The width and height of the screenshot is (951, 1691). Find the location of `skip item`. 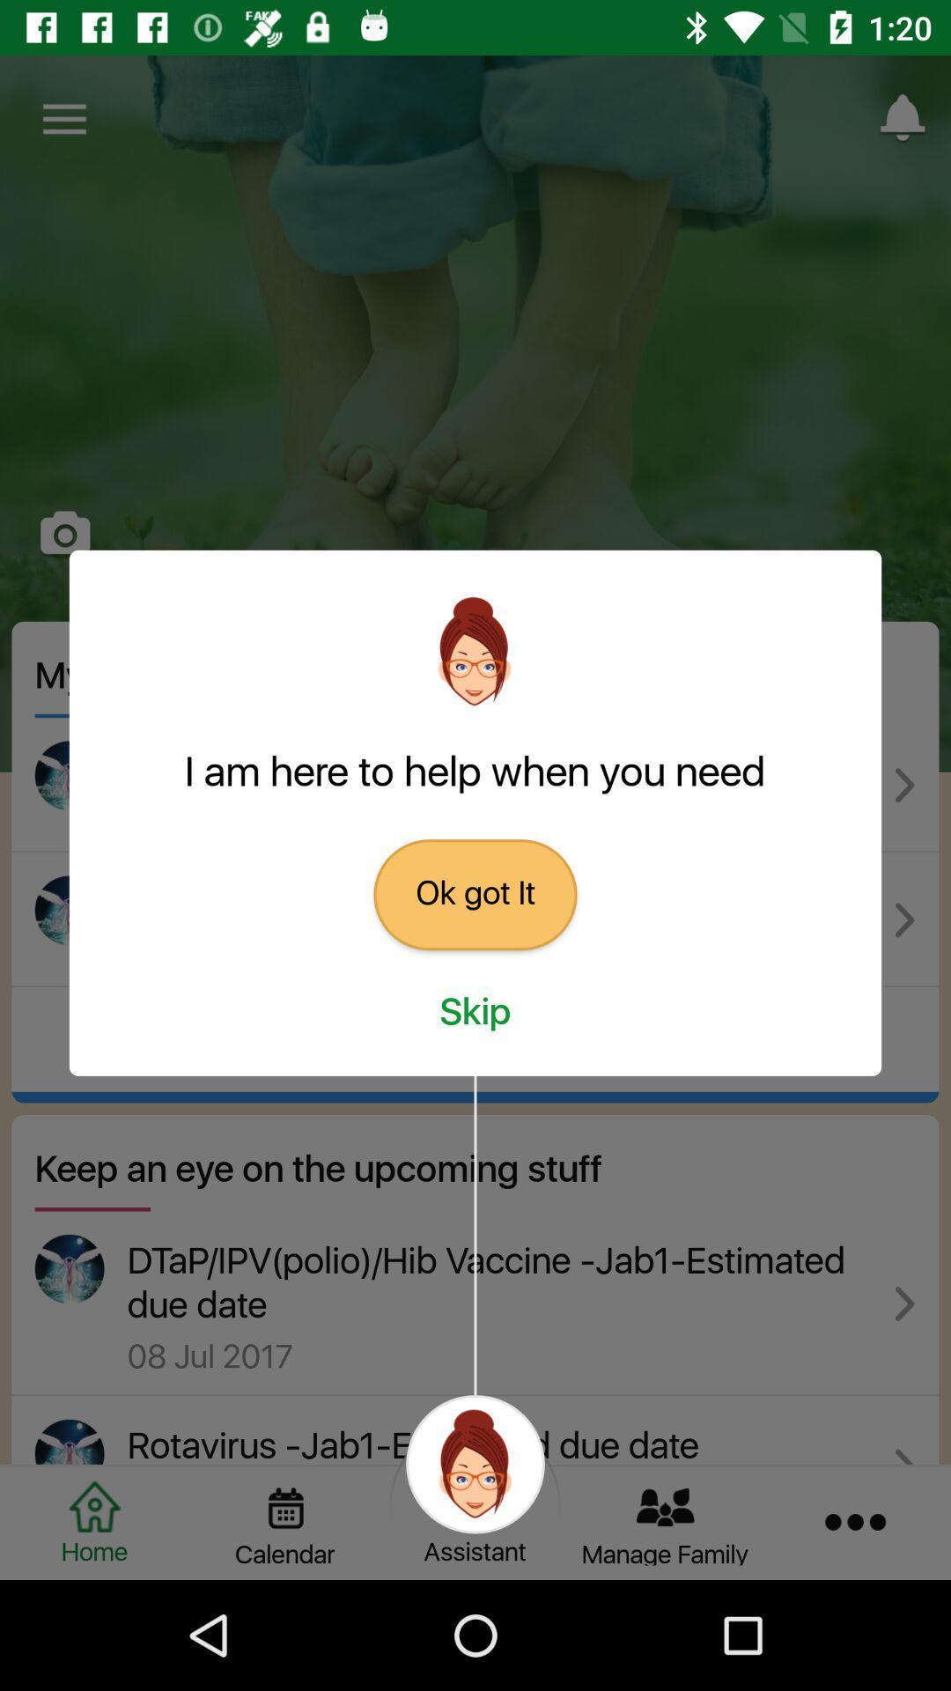

skip item is located at coordinates (475, 1013).